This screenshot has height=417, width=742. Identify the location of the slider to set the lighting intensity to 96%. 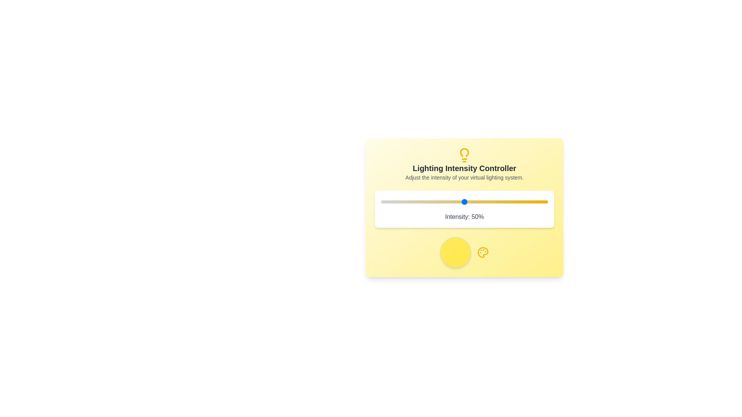
(541, 202).